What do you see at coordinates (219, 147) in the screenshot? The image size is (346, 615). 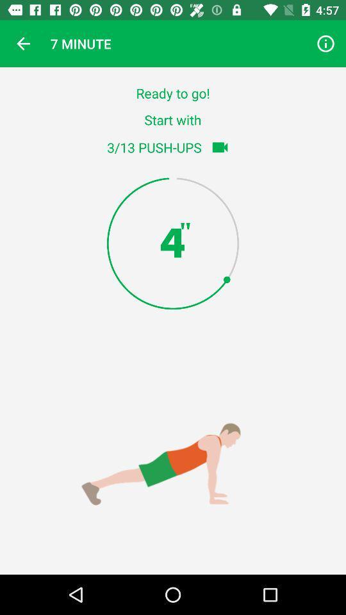 I see `the item below start with` at bounding box center [219, 147].